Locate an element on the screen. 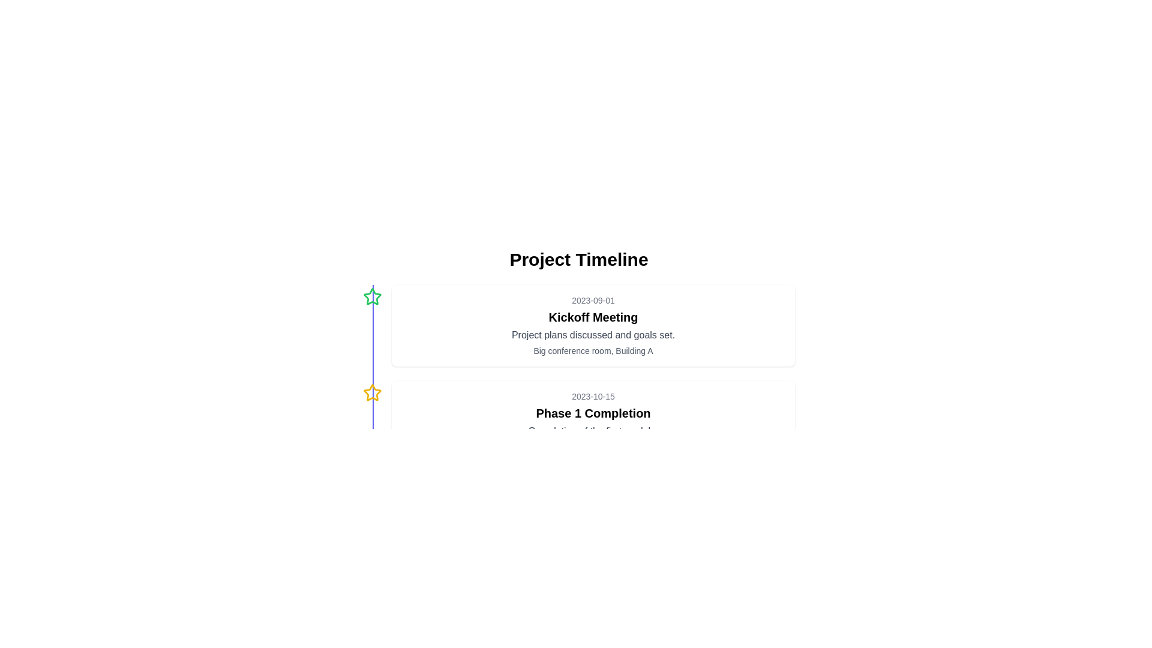 The image size is (1152, 648). the star icon outlined in green with a hollow center, located near the top-left of the timeline display, aligned with the first entry is located at coordinates (371, 296).